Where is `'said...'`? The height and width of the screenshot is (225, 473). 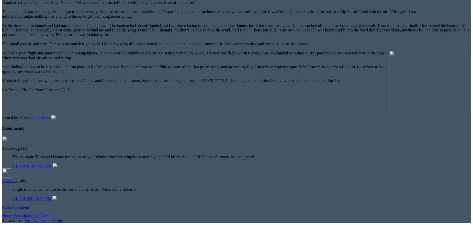 'said...' is located at coordinates (23, 180).